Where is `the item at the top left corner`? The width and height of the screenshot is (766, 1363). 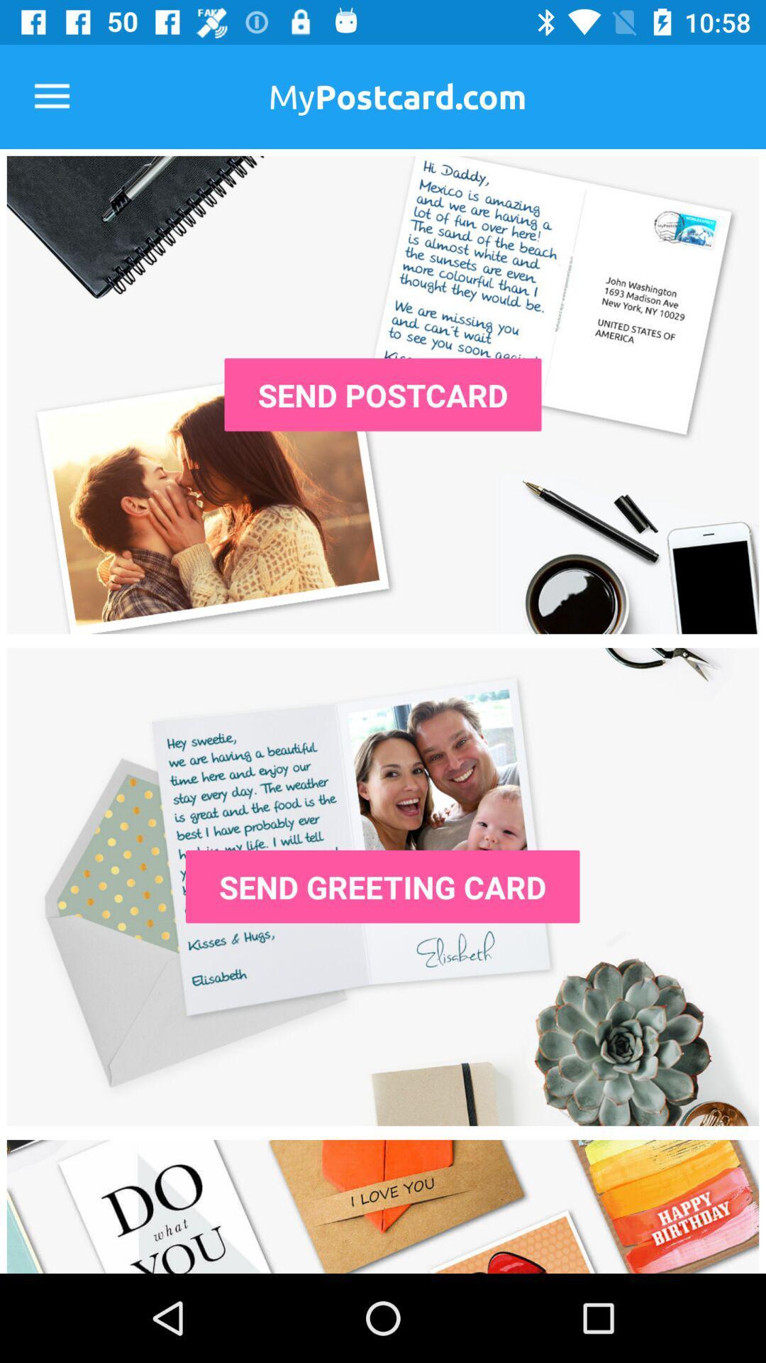 the item at the top left corner is located at coordinates (51, 96).